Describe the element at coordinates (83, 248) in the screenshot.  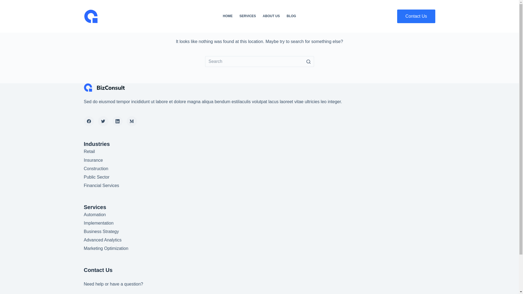
I see `'Marketing Optimization'` at that location.